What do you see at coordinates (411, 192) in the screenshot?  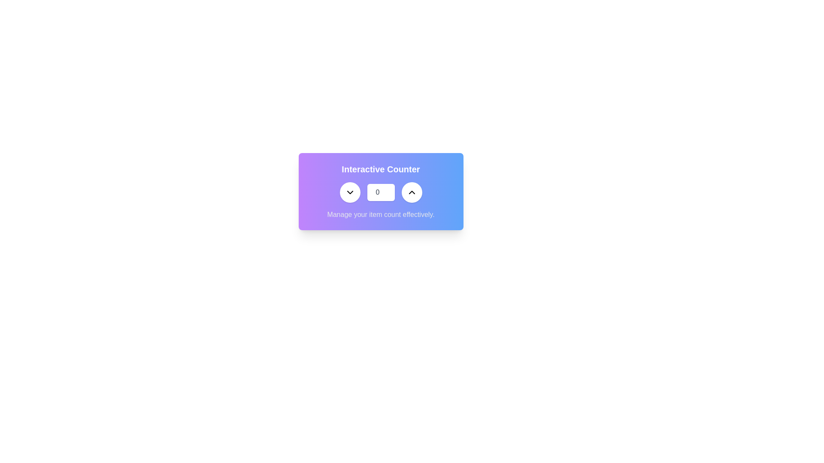 I see `the circular button with a white background and a black upward-facing arrow icon to increment the value` at bounding box center [411, 192].